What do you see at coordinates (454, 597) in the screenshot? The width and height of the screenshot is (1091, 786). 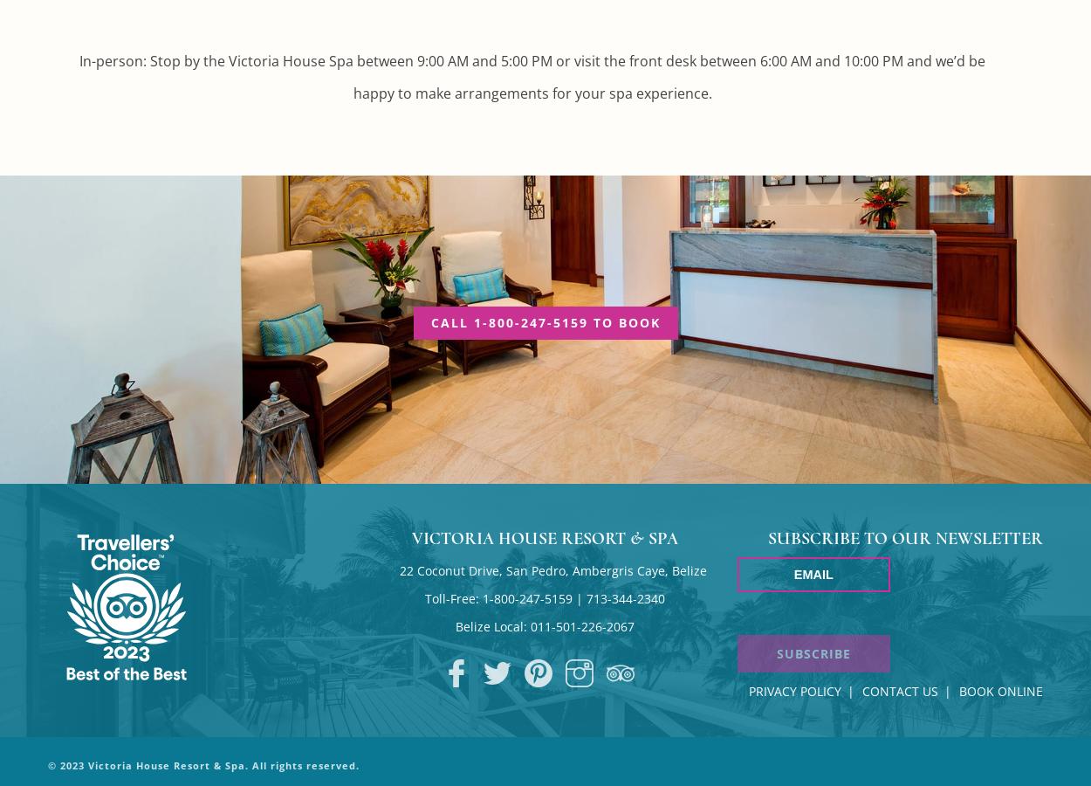 I see `'Toll-Free:'` at bounding box center [454, 597].